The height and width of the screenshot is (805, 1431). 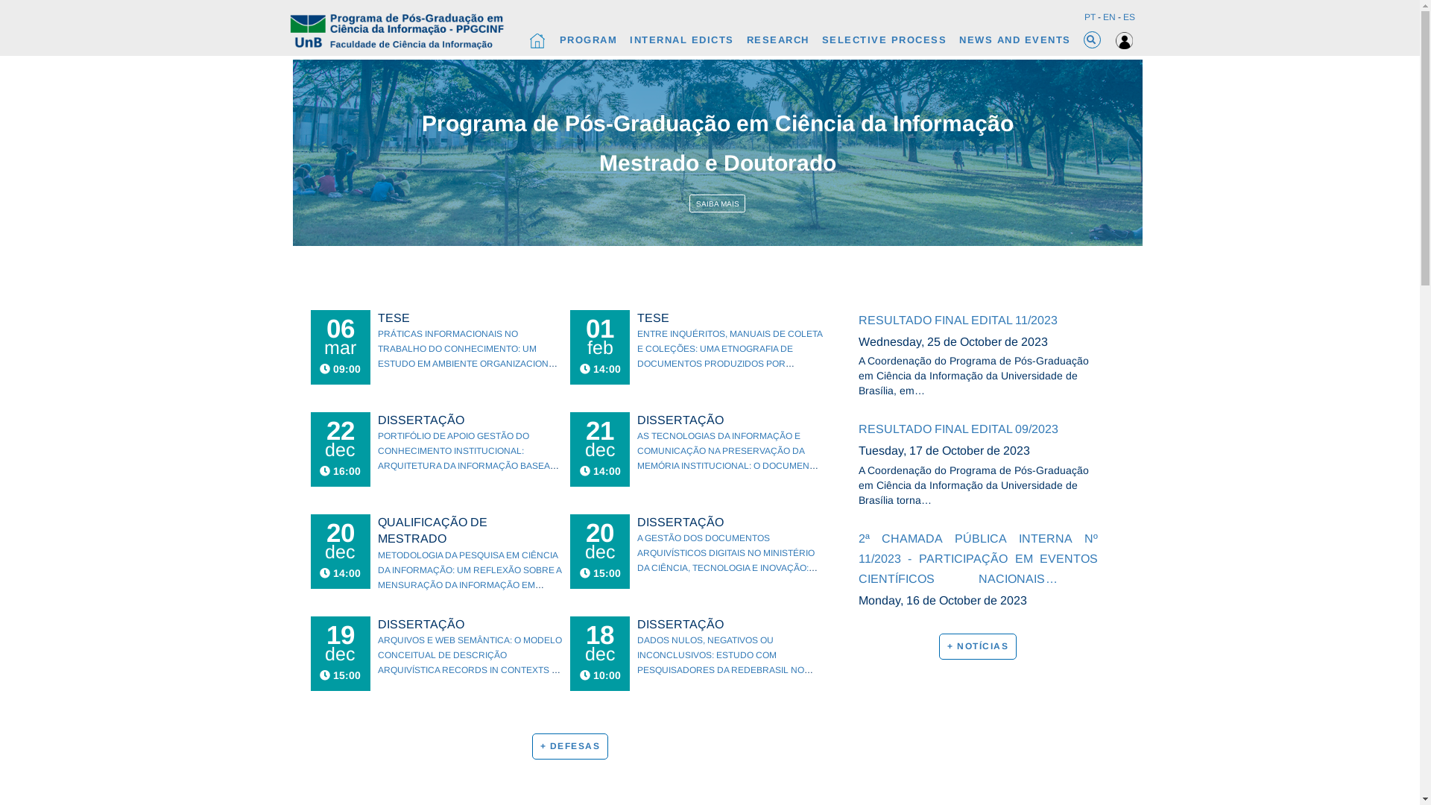 I want to click on 'RESULTADO FINAL EDITAL 09/2023', so click(x=979, y=429).